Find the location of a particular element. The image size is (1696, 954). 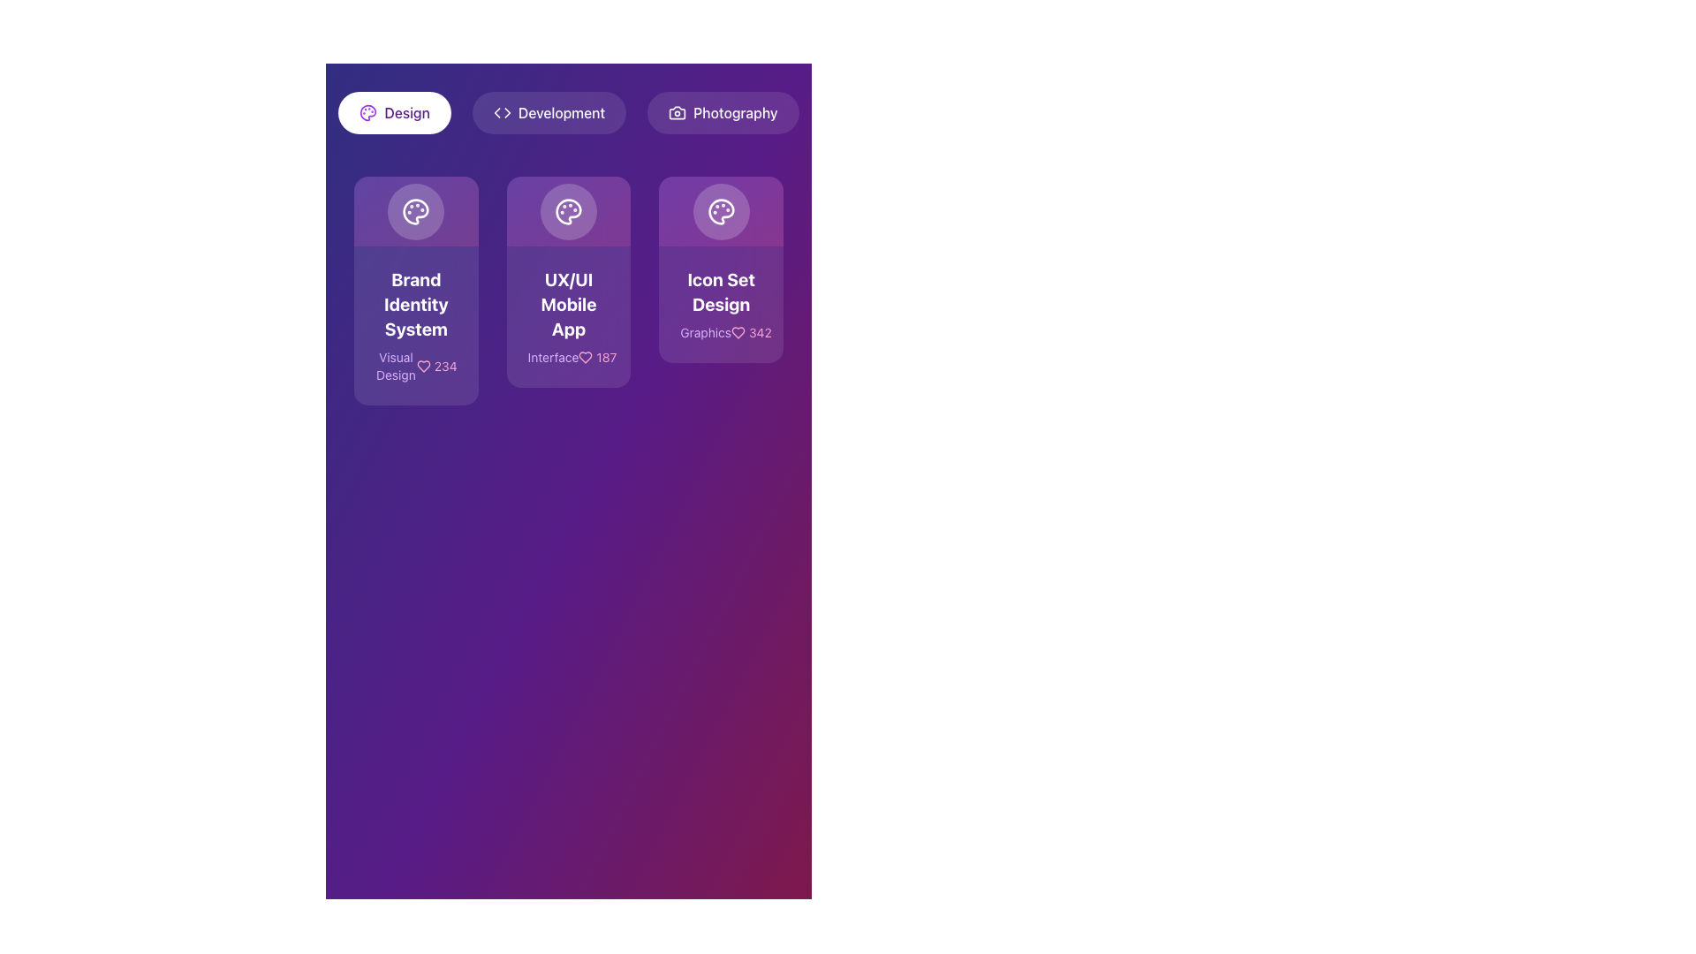

the label that serves as the textual part of a navigation button located at the top-left of the interface, adjacent to an icon is located at coordinates (406, 112).